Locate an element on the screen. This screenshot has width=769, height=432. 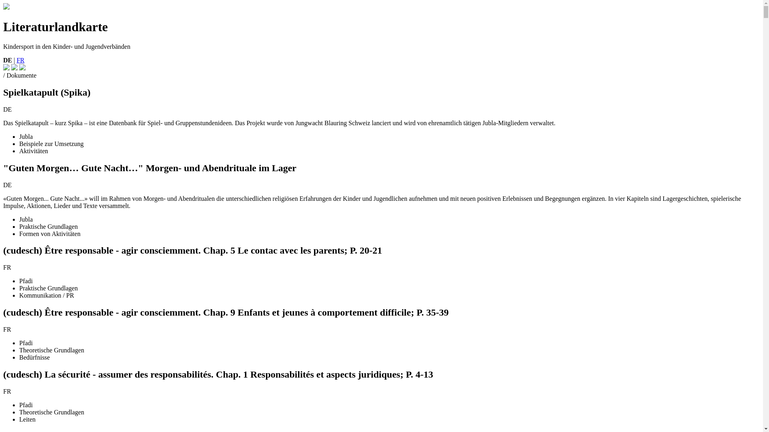
'FR' is located at coordinates (20, 60).